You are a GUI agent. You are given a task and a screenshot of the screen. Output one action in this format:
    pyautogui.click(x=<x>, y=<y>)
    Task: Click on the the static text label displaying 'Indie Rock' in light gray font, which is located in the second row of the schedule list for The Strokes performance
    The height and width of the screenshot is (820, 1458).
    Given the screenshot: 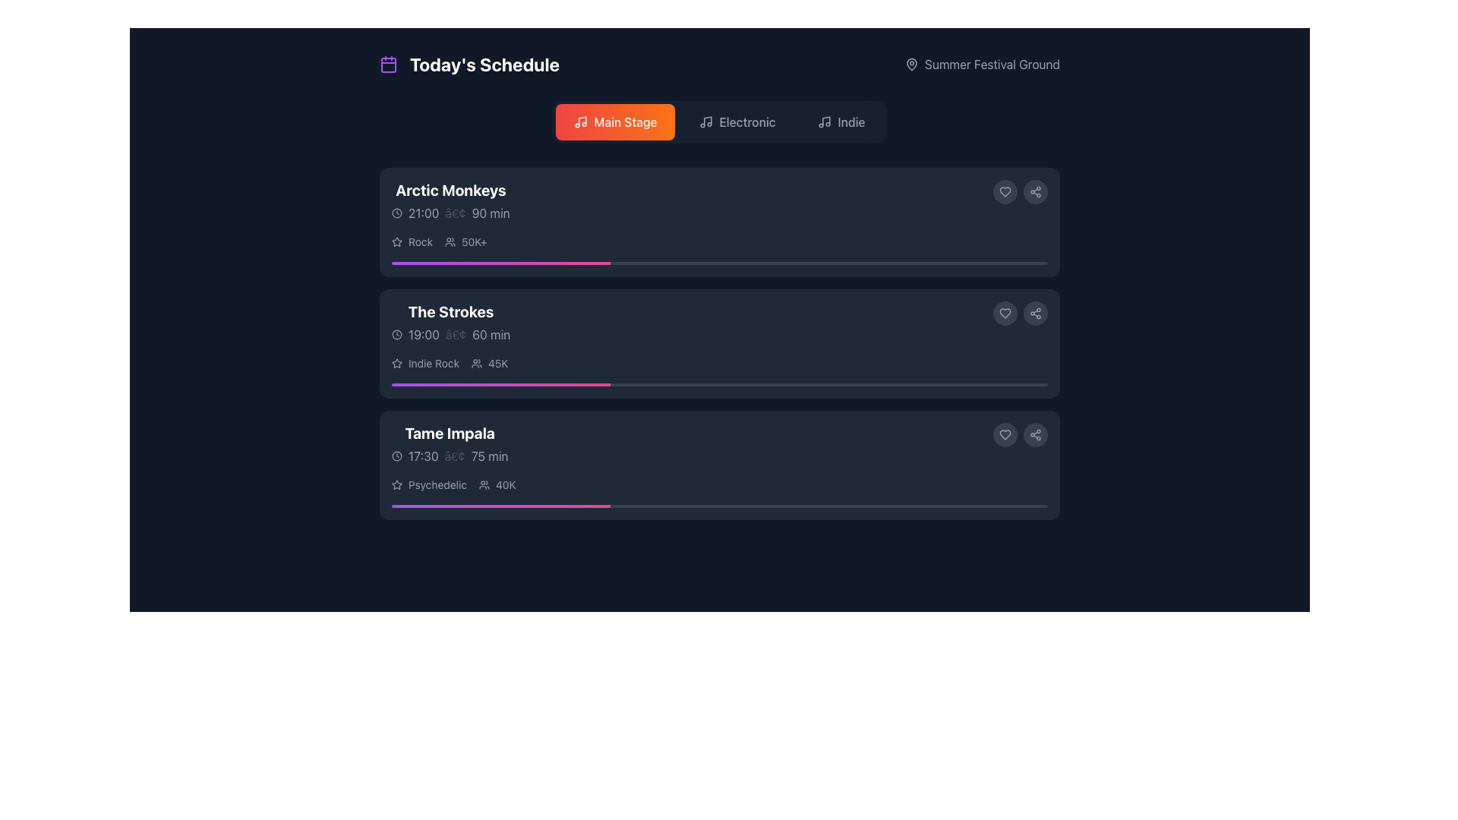 What is the action you would take?
    pyautogui.click(x=433, y=363)
    